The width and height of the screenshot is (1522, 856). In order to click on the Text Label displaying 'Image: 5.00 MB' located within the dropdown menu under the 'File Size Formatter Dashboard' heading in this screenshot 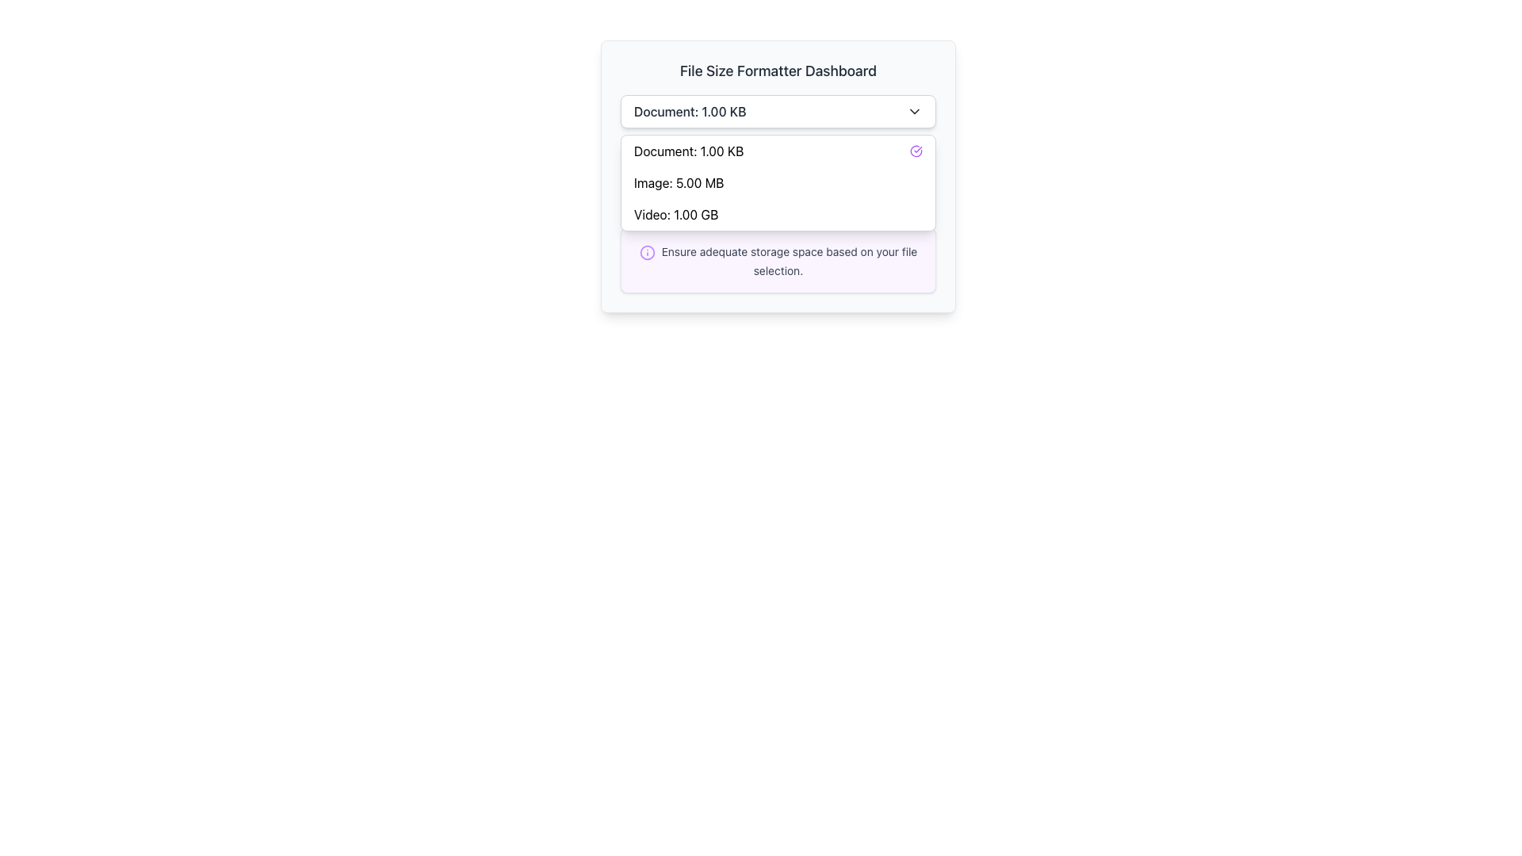, I will do `click(679, 182)`.